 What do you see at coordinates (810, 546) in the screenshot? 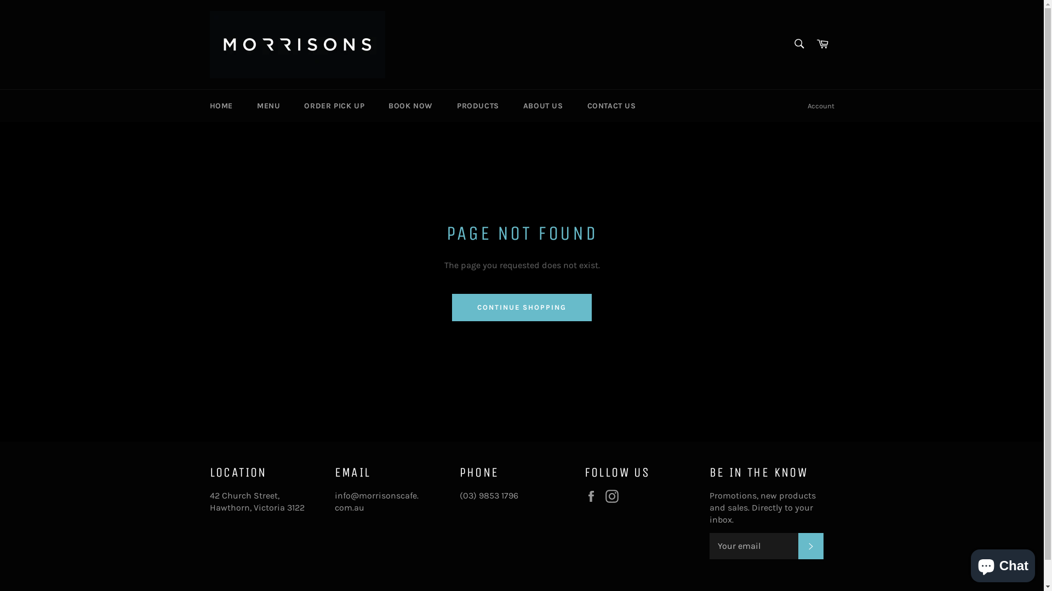
I see `'SUBSCRIBE'` at bounding box center [810, 546].